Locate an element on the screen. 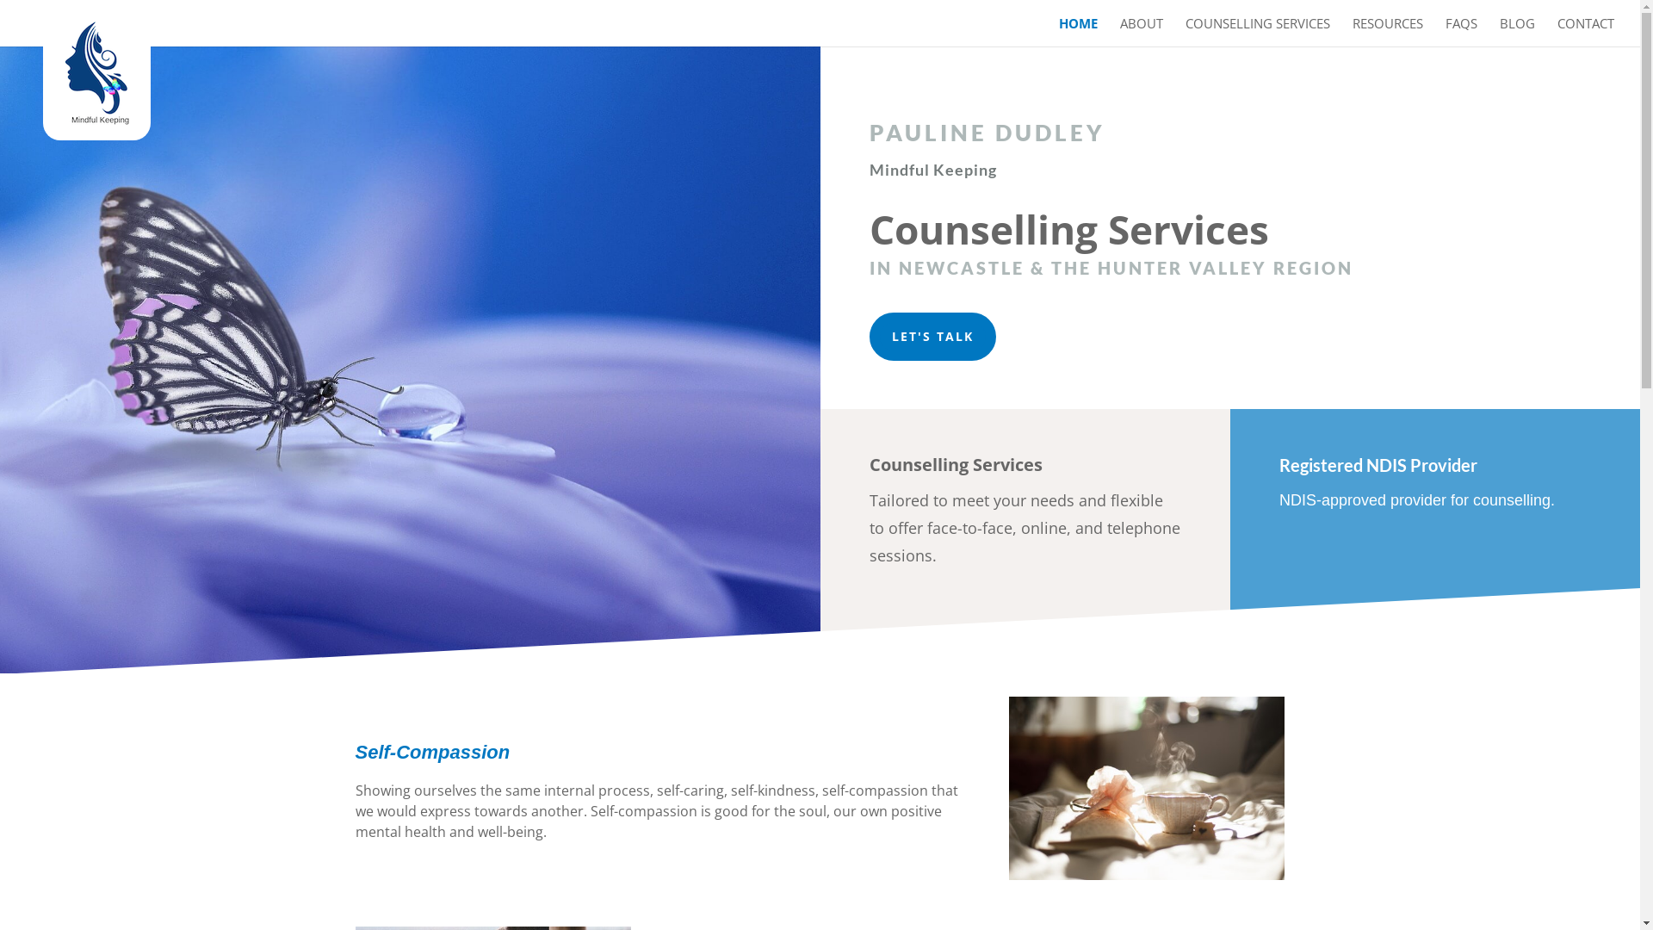 The height and width of the screenshot is (930, 1653). 'COUNSELLING SERVICES' is located at coordinates (1257, 32).